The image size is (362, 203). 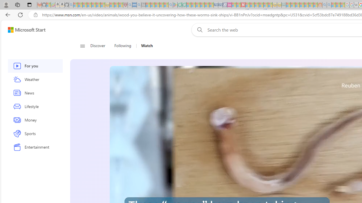 I want to click on 'Skip to footer', so click(x=23, y=30).